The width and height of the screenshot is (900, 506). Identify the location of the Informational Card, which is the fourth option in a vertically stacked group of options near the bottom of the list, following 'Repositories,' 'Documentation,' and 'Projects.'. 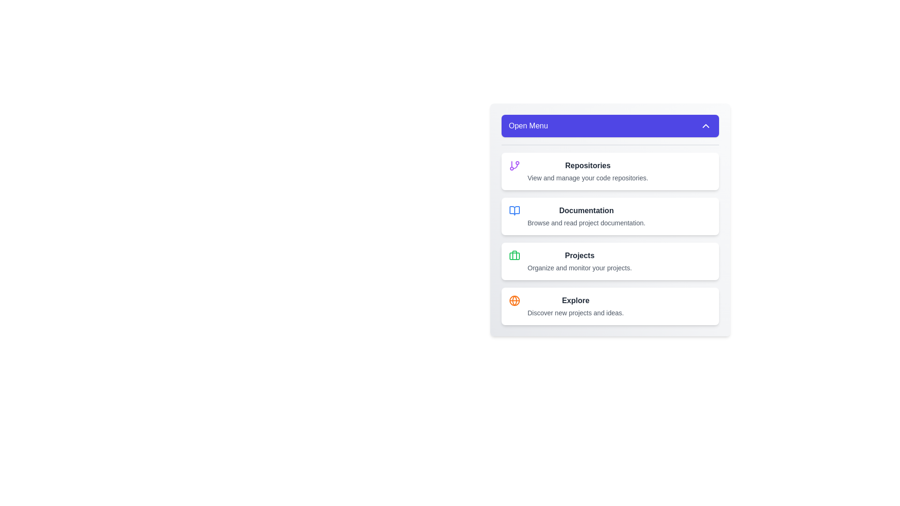
(610, 306).